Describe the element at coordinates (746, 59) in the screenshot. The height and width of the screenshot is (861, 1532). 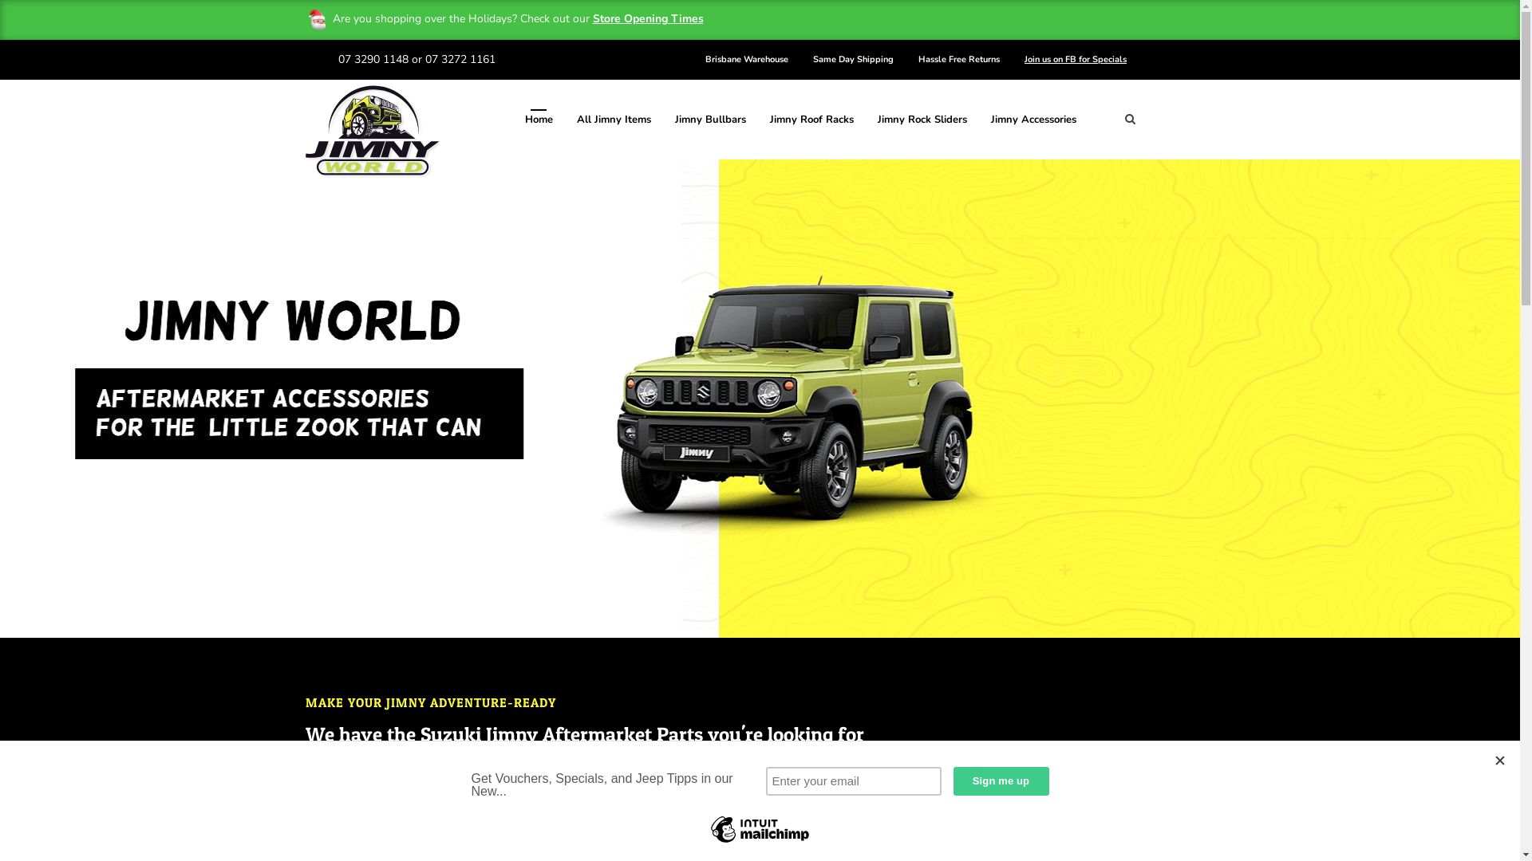
I see `'Brisbane Warehouse'` at that location.